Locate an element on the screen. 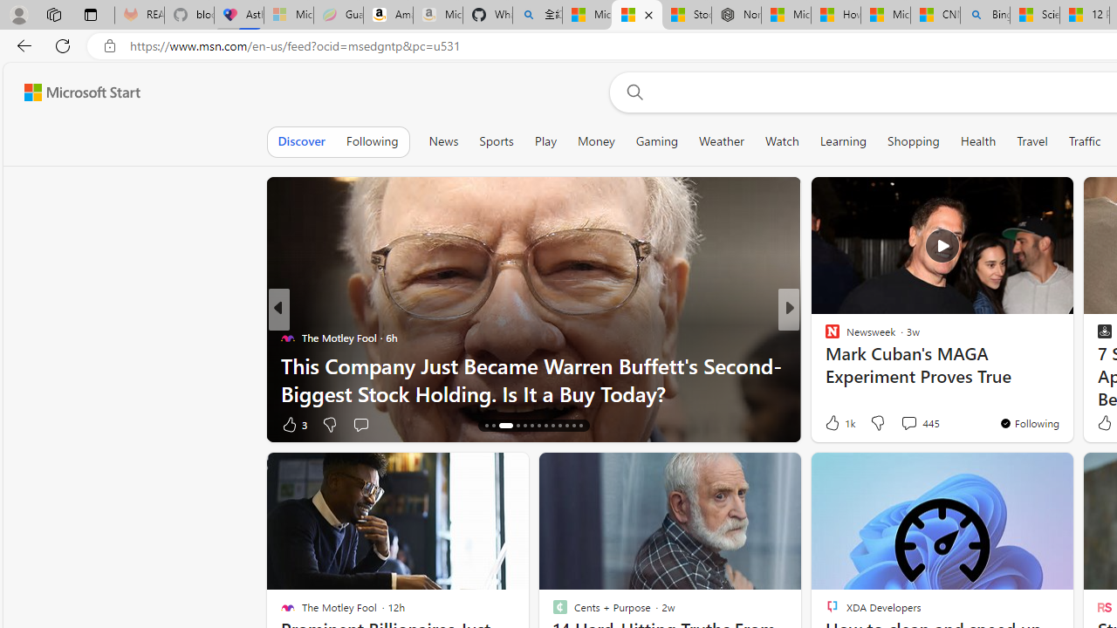  'View comments 38 Comment' is located at coordinates (916, 424).